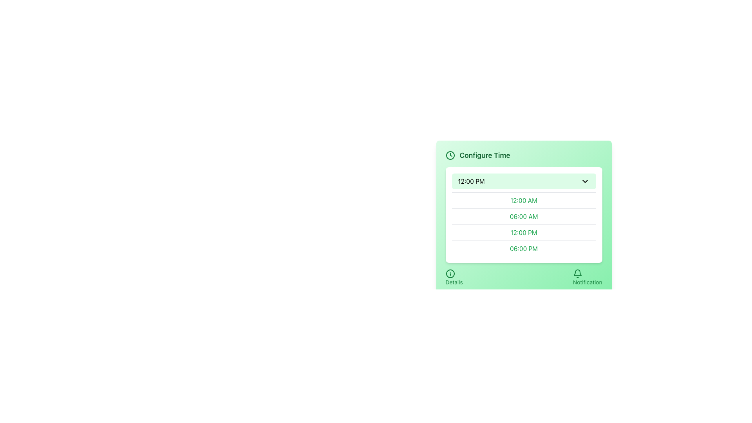 This screenshot has width=752, height=423. Describe the element at coordinates (524, 181) in the screenshot. I see `the dropdown toggle control labeled '12:00 PM'` at that location.